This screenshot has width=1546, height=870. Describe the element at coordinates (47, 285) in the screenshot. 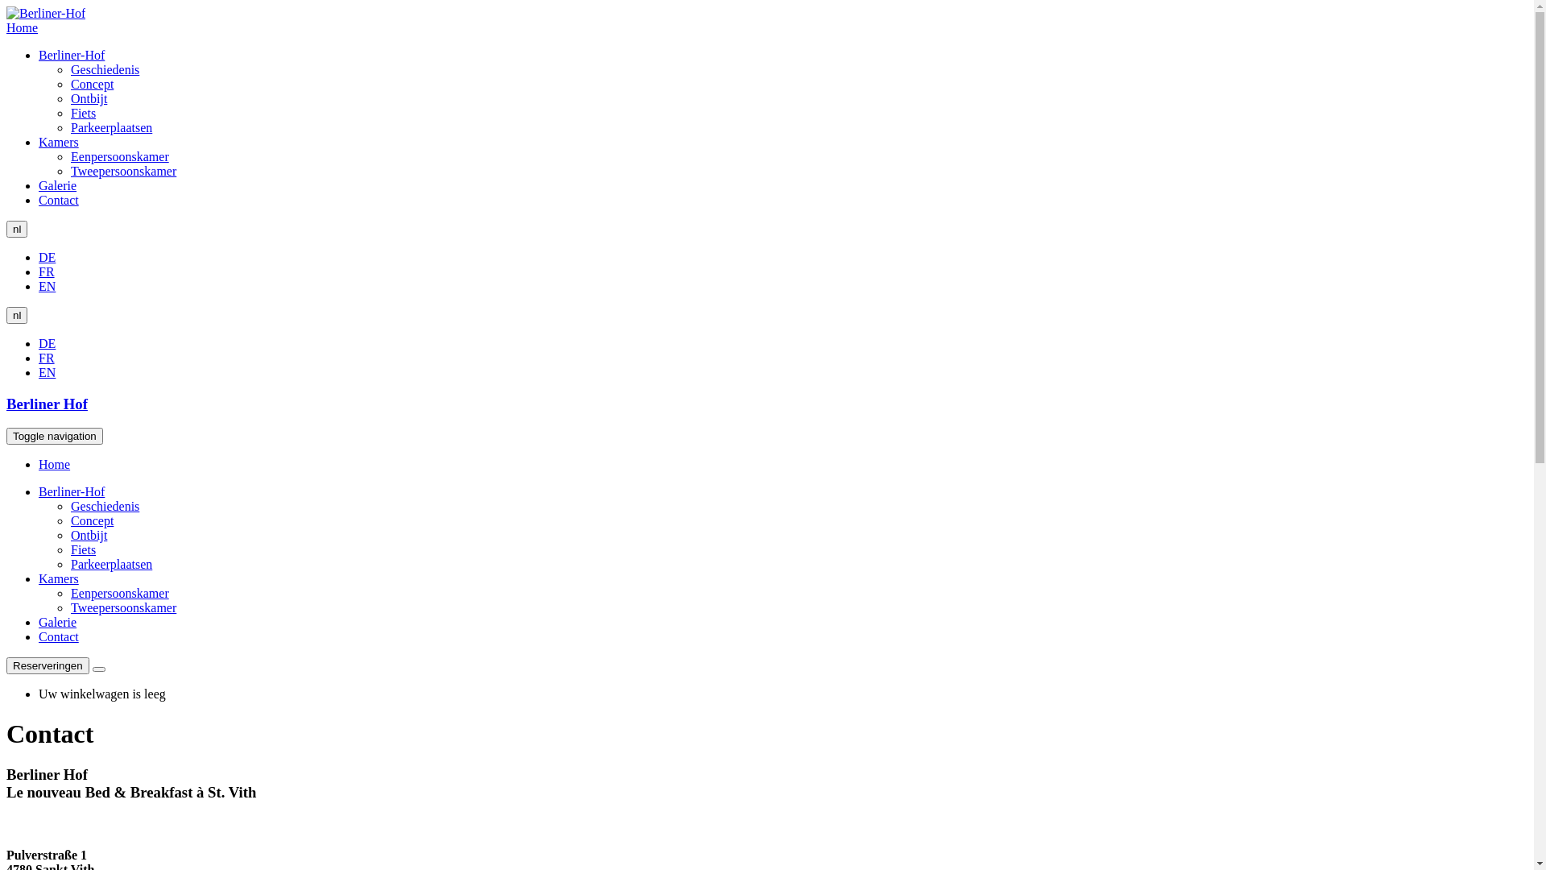

I see `'EN'` at that location.